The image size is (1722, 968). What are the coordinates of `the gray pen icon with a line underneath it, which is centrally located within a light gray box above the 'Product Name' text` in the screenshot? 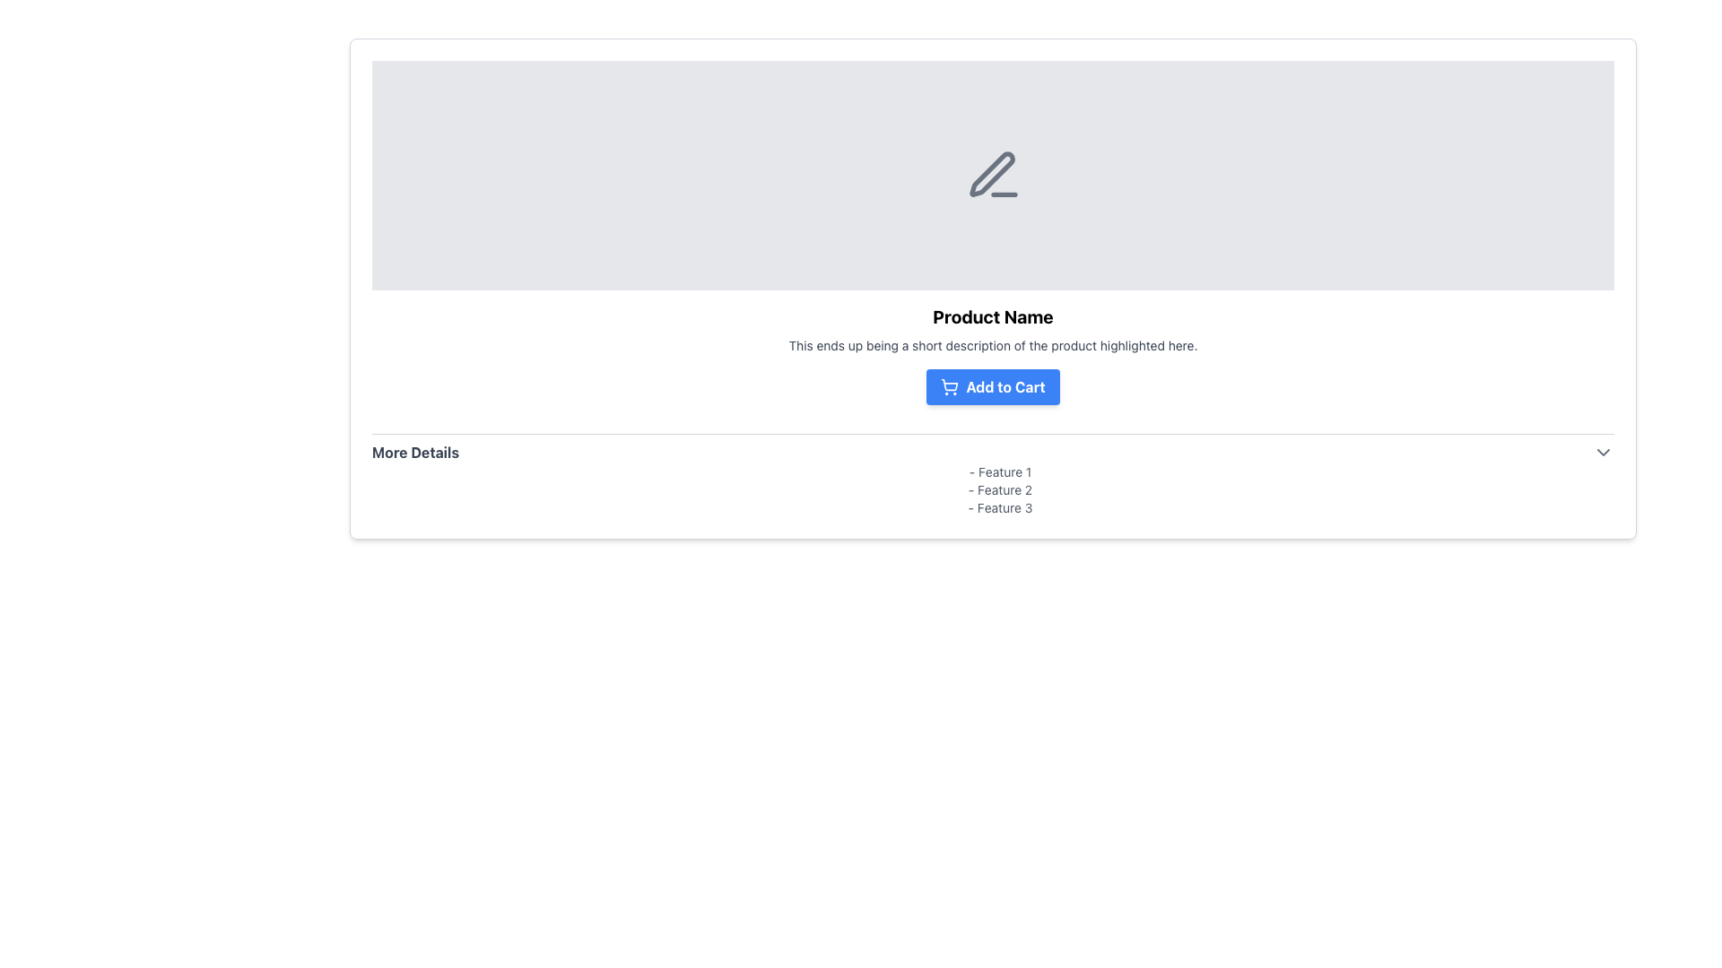 It's located at (992, 176).